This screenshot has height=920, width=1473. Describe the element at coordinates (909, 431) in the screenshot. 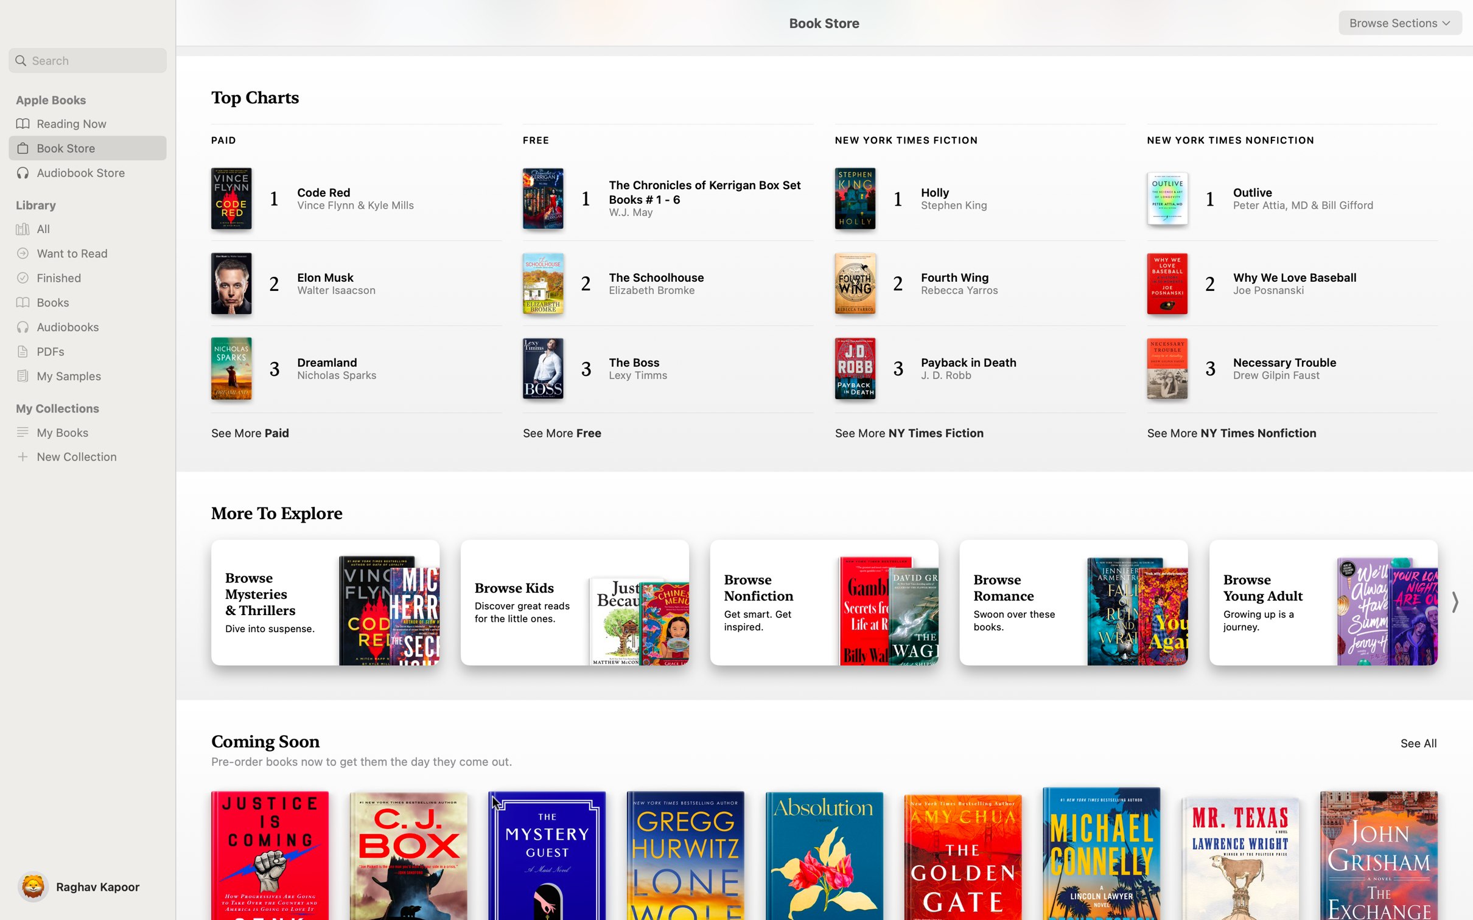

I see `Display the complete list of New York Times Fiction books` at that location.